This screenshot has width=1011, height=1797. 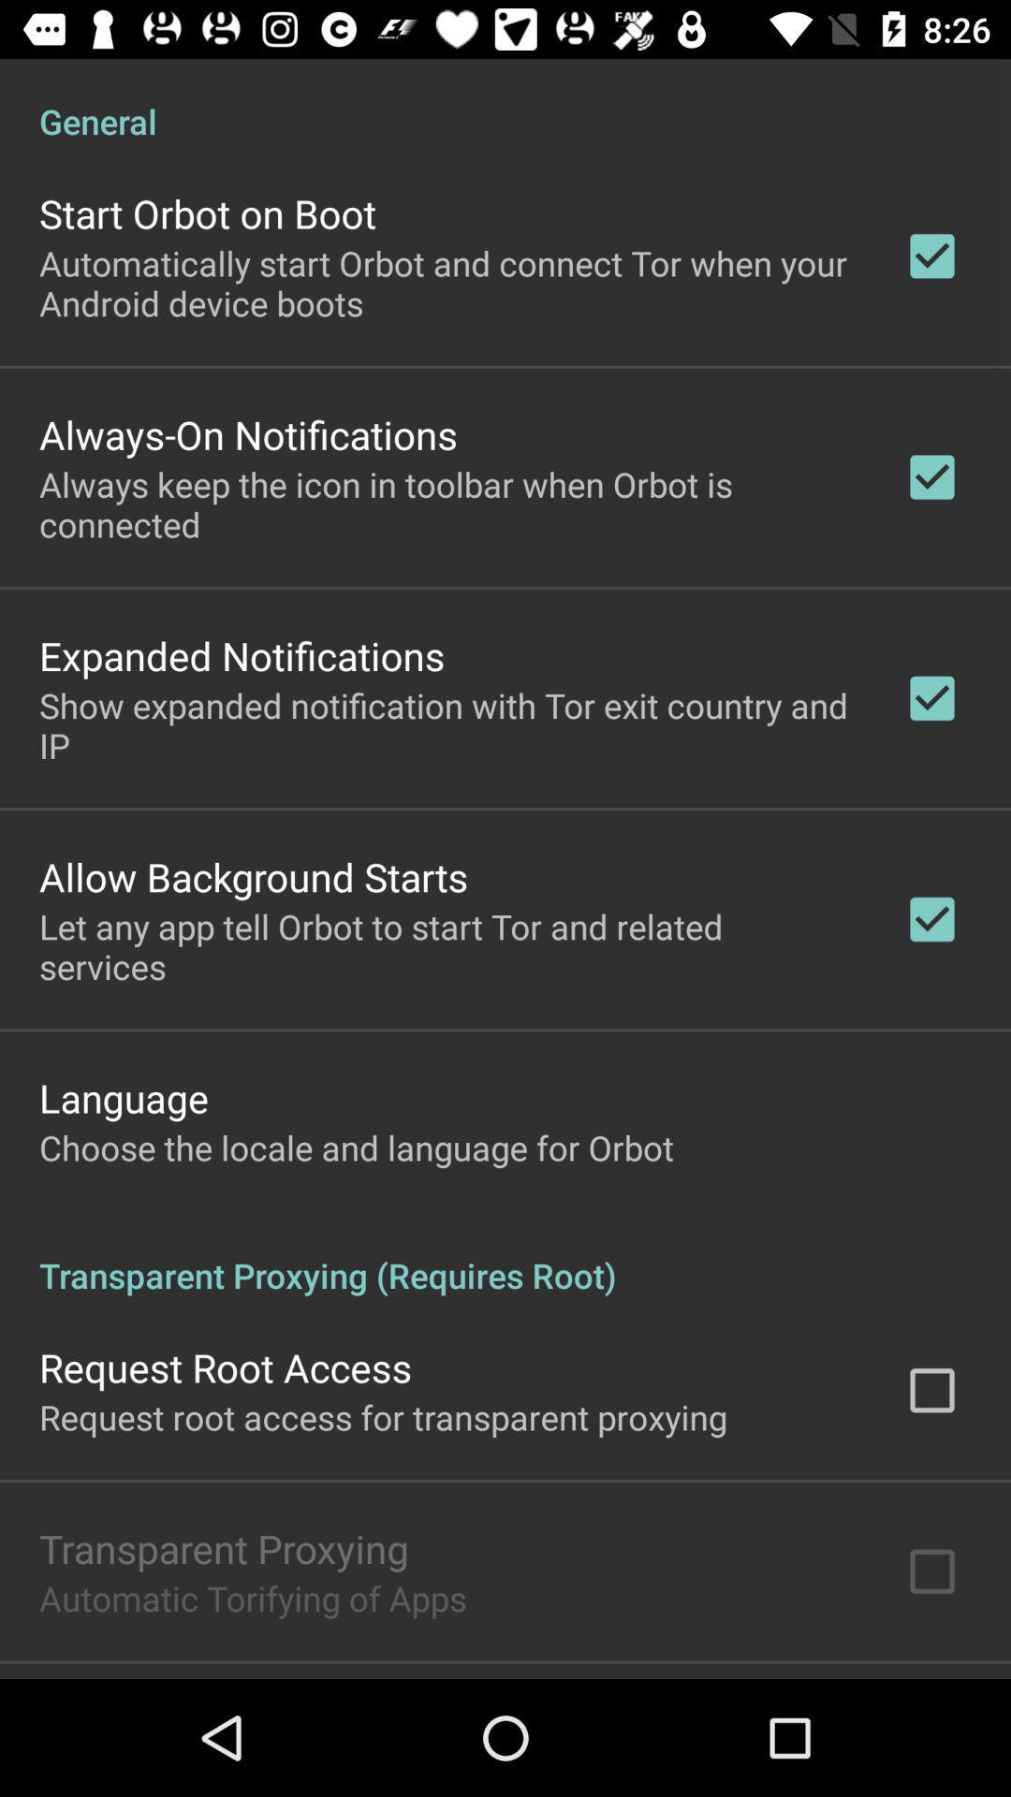 What do you see at coordinates (254, 875) in the screenshot?
I see `the item above let any app icon` at bounding box center [254, 875].